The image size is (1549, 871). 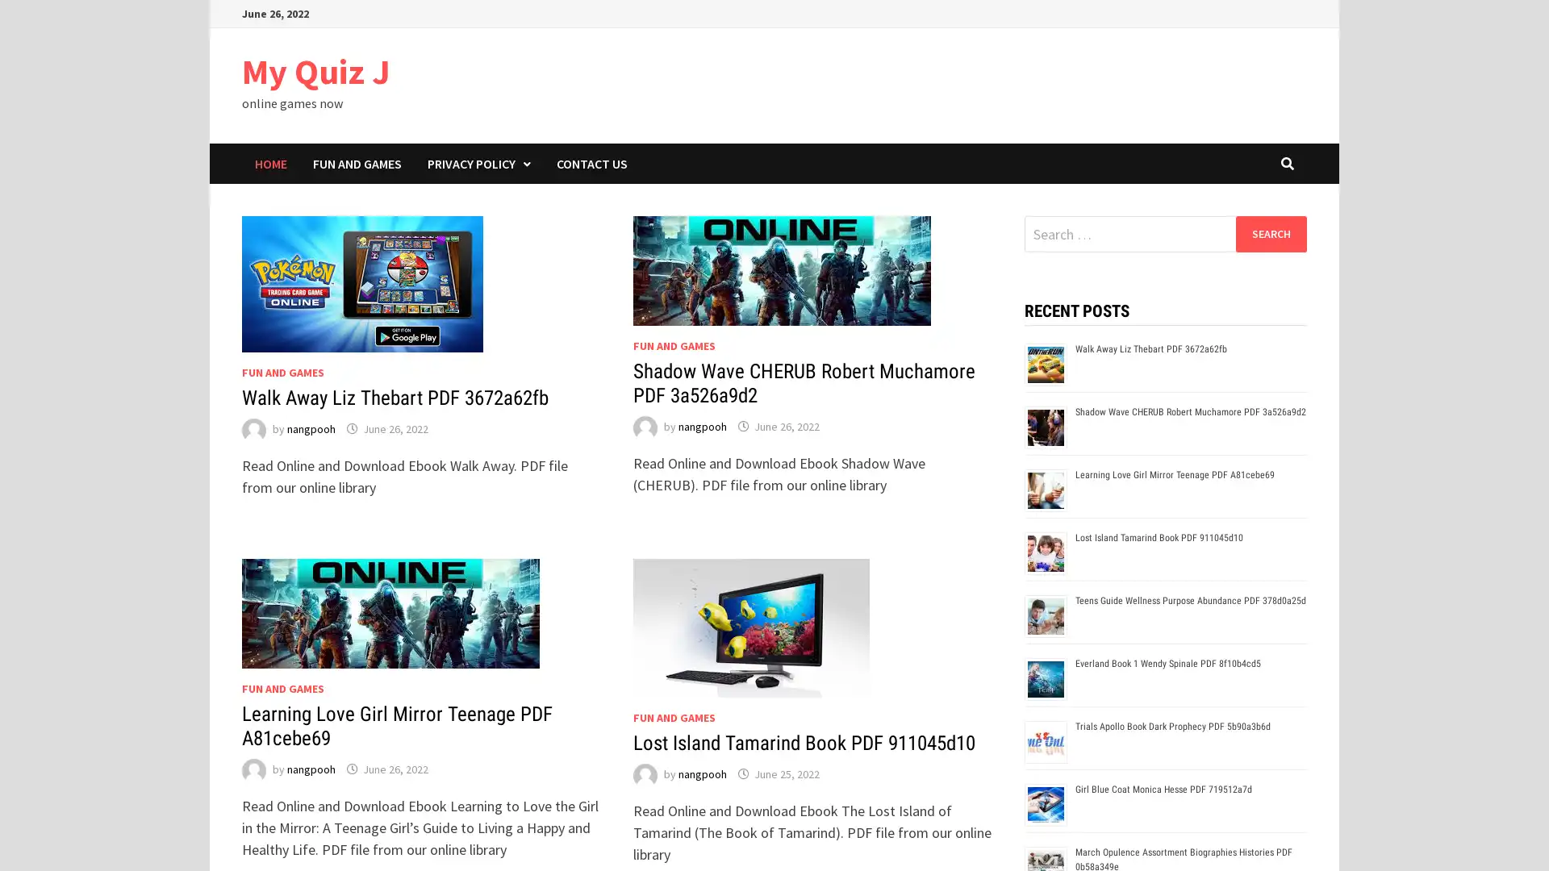 I want to click on Search, so click(x=1270, y=233).